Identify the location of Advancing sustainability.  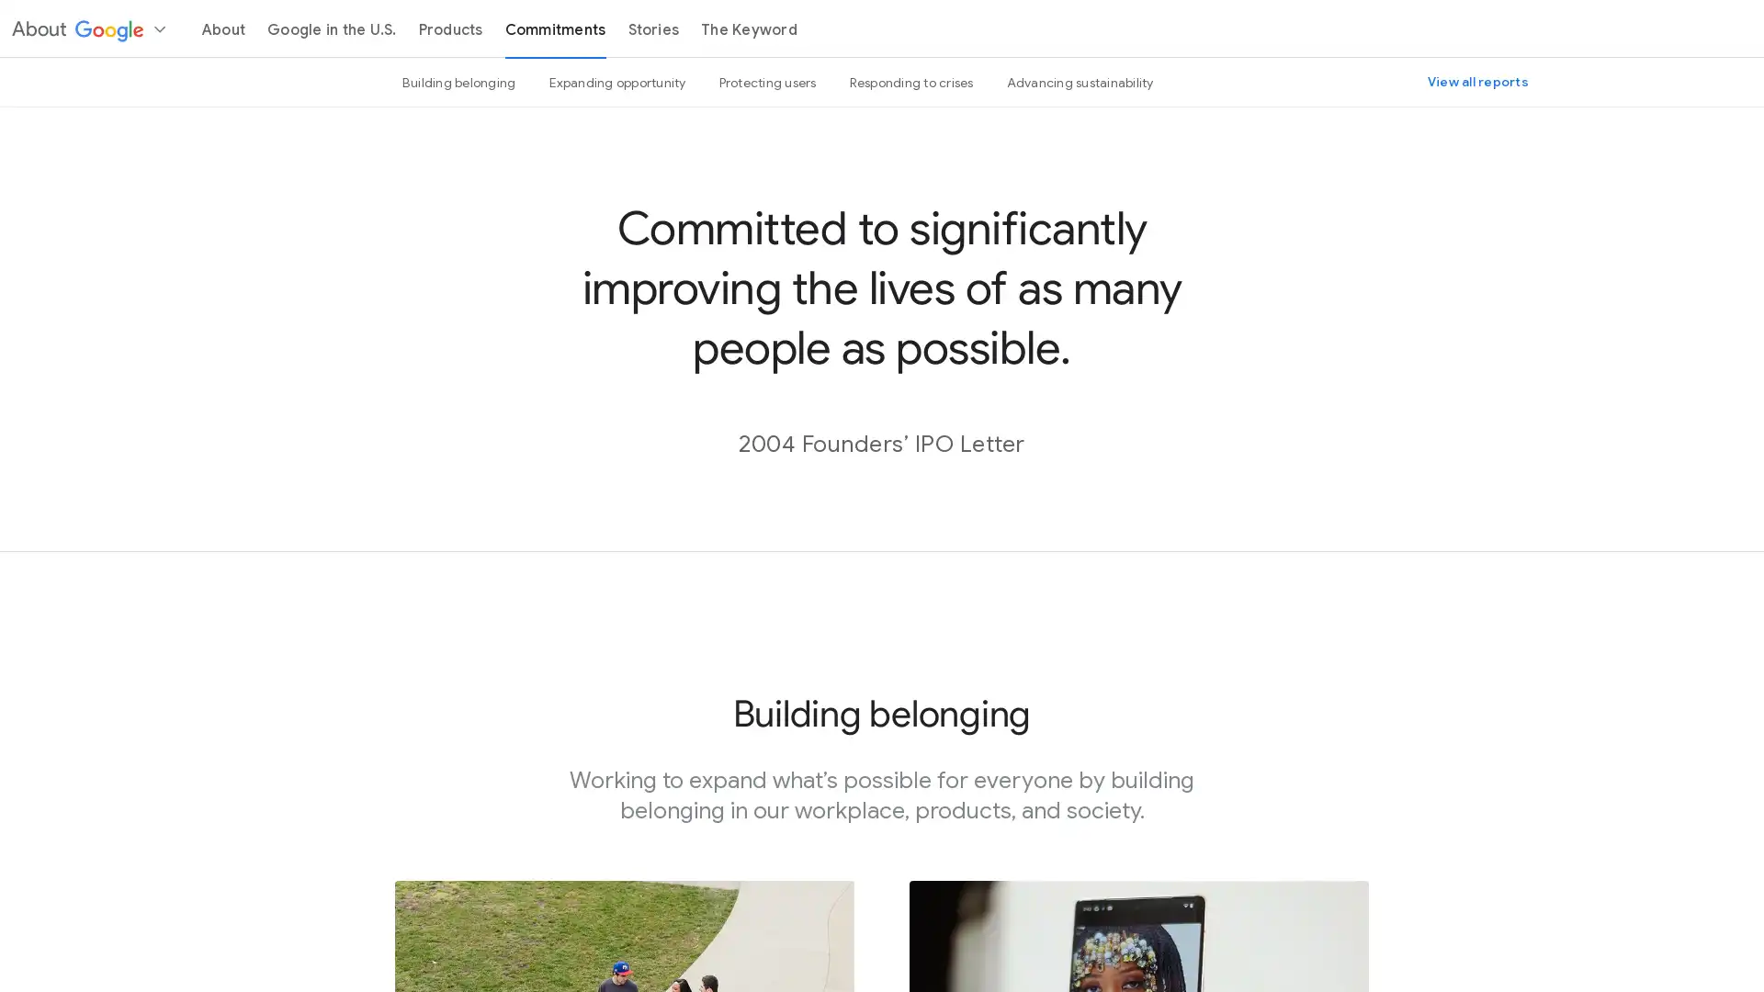
(1080, 81).